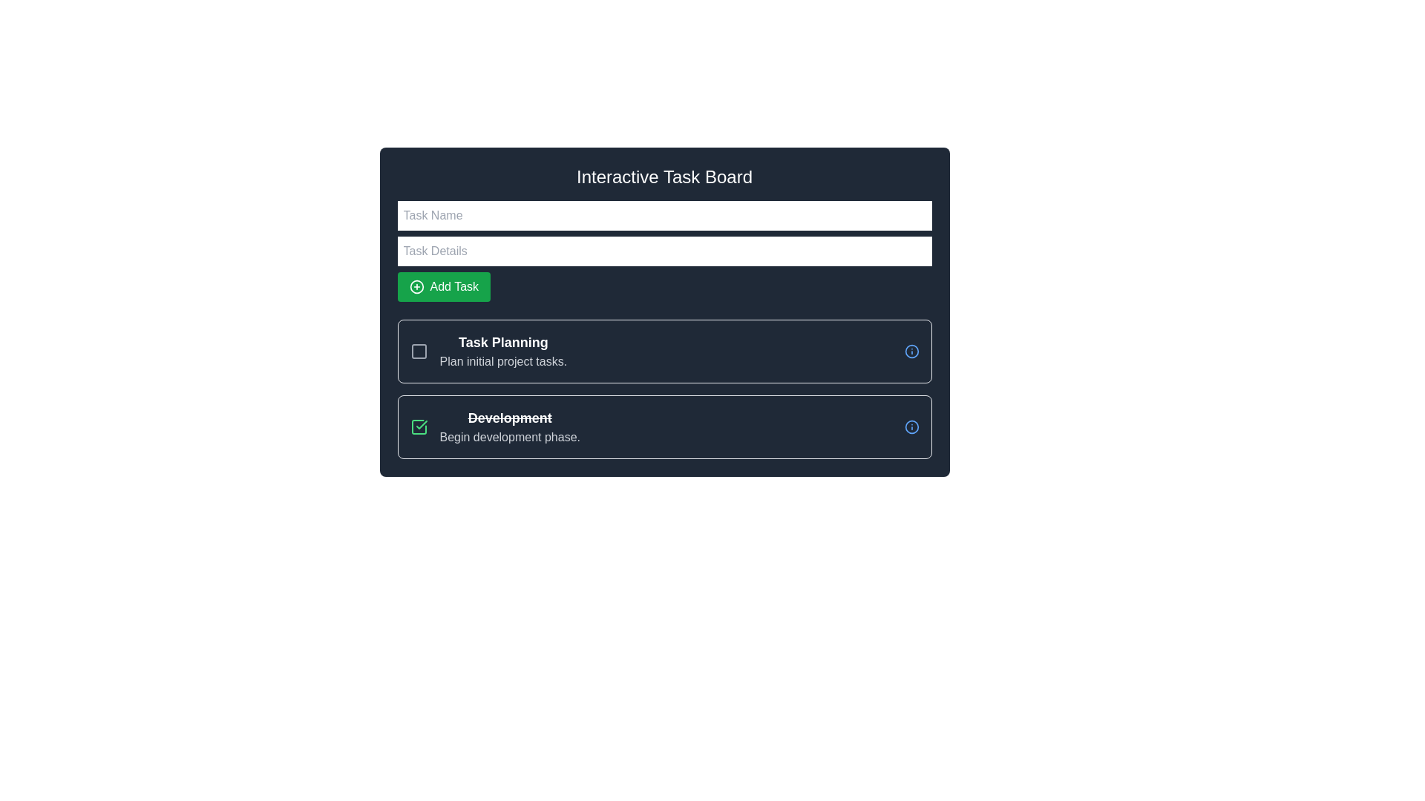 The width and height of the screenshot is (1425, 801). Describe the element at coordinates (495, 426) in the screenshot. I see `the bold text element labeled 'Development' with a strikethrough and the subtitle 'Begin development phase.' located below the 'Task Planning' item in the task list` at that location.